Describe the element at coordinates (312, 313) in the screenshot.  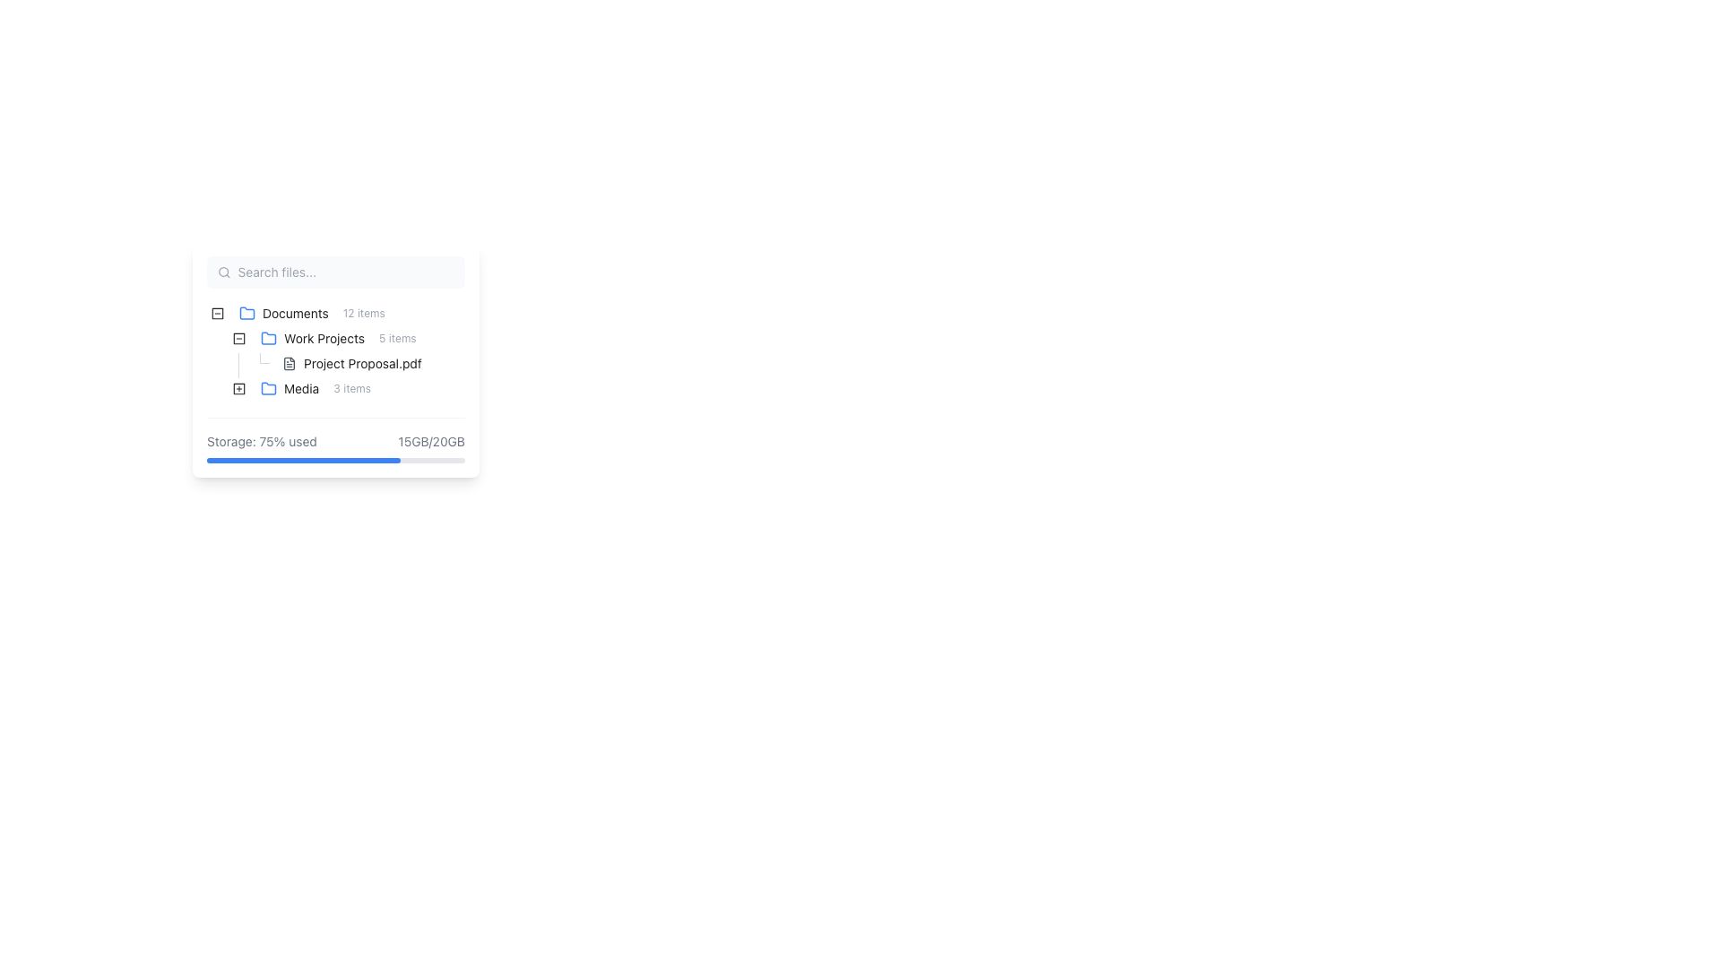
I see `the 'Documents' tree item, which displays a blue folder icon and shows a count of '12 items'` at that location.